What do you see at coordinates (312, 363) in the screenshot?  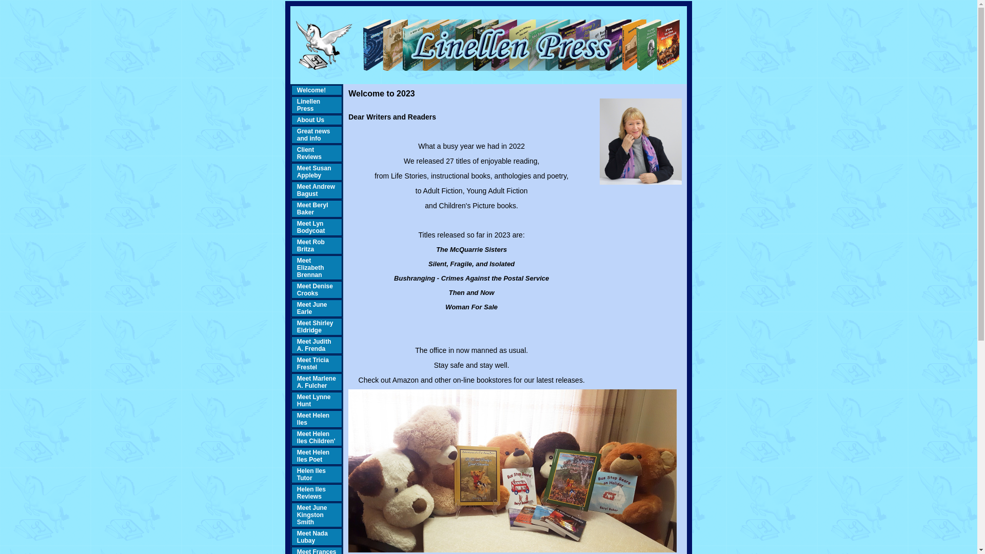 I see `'Meet Tricia Frestel'` at bounding box center [312, 363].